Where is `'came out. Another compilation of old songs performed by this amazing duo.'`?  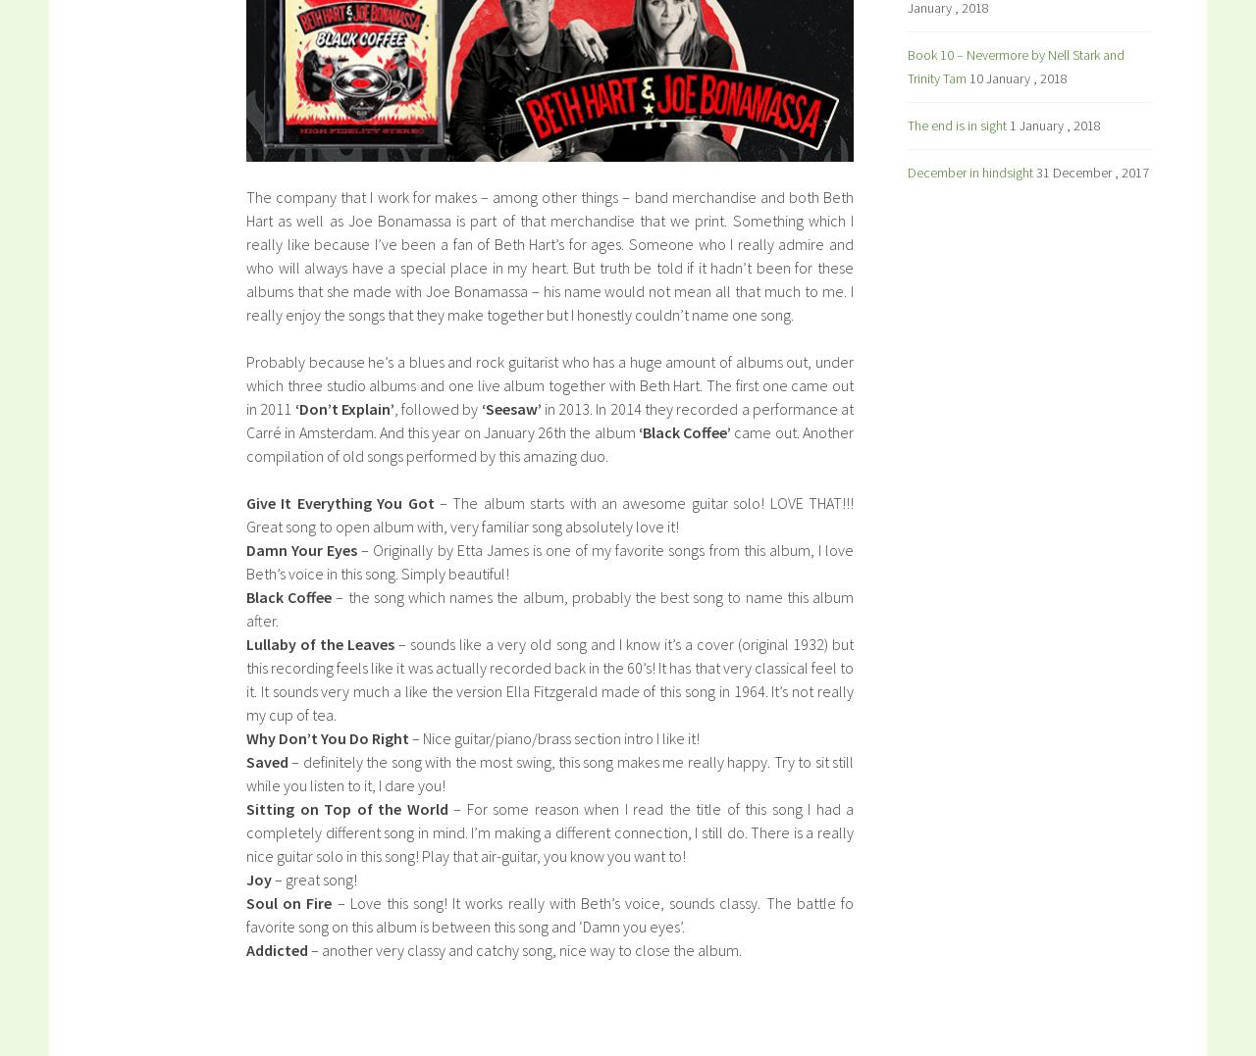 'came out. Another compilation of old songs performed by this amazing duo.' is located at coordinates (549, 442).